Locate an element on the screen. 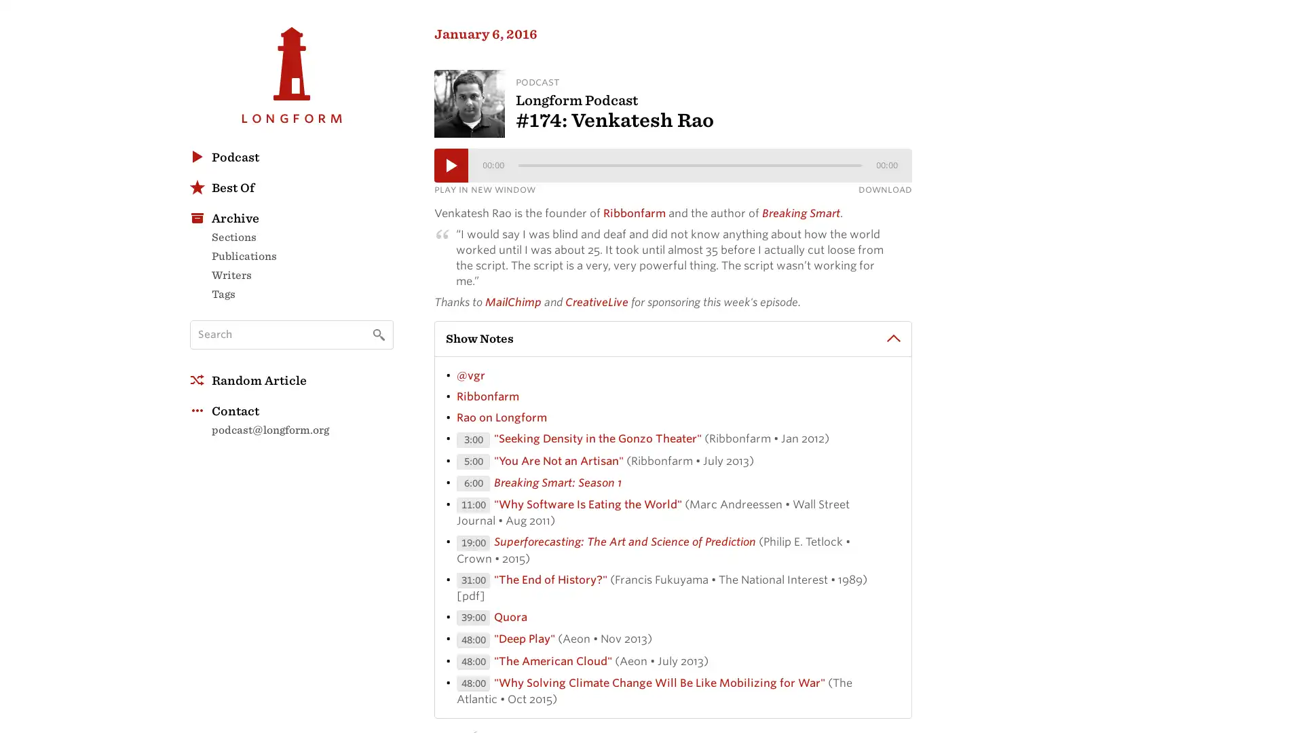 This screenshot has width=1303, height=733. 39:00 is located at coordinates (473, 620).